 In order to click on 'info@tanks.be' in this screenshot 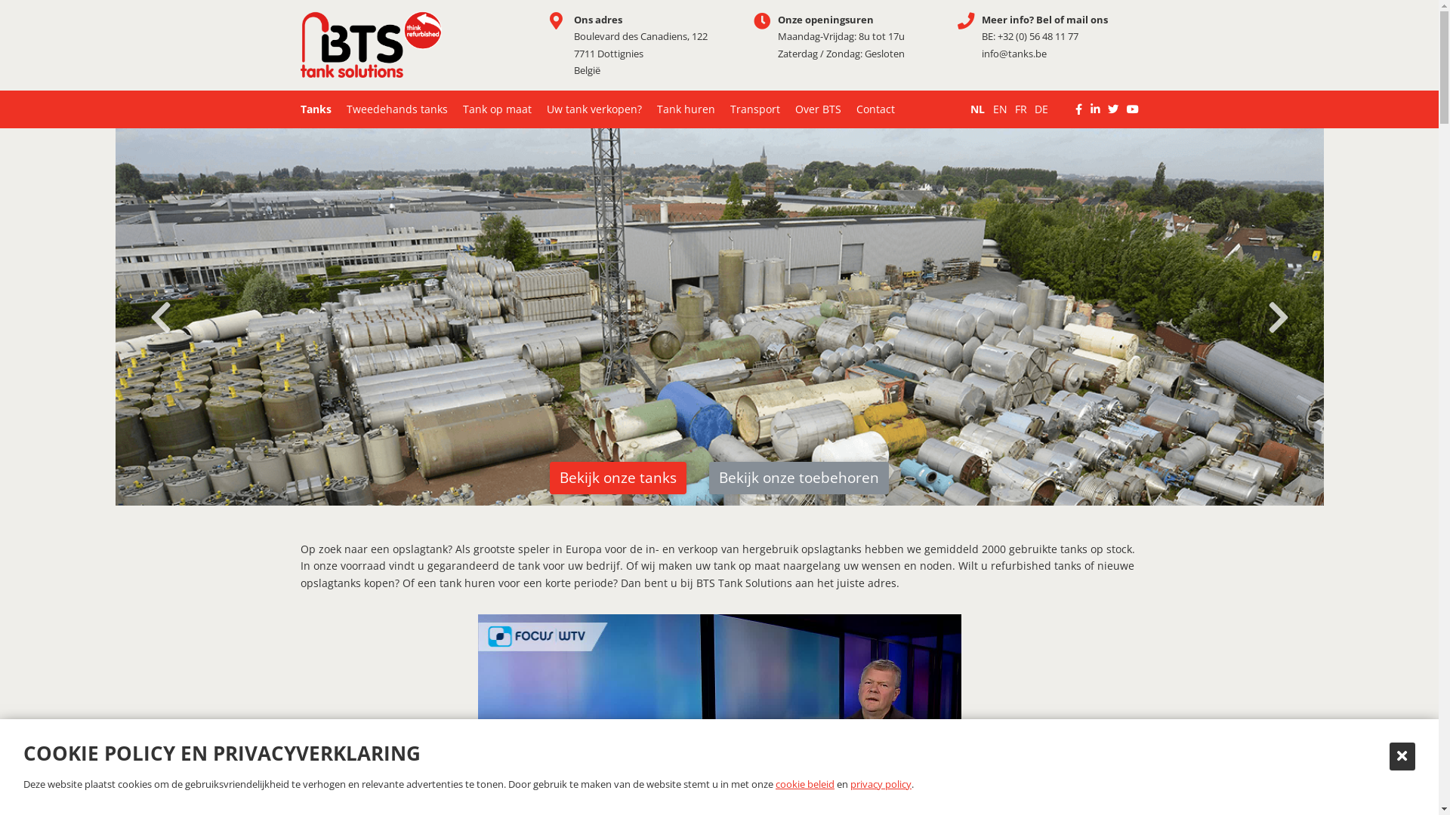, I will do `click(982, 52)`.